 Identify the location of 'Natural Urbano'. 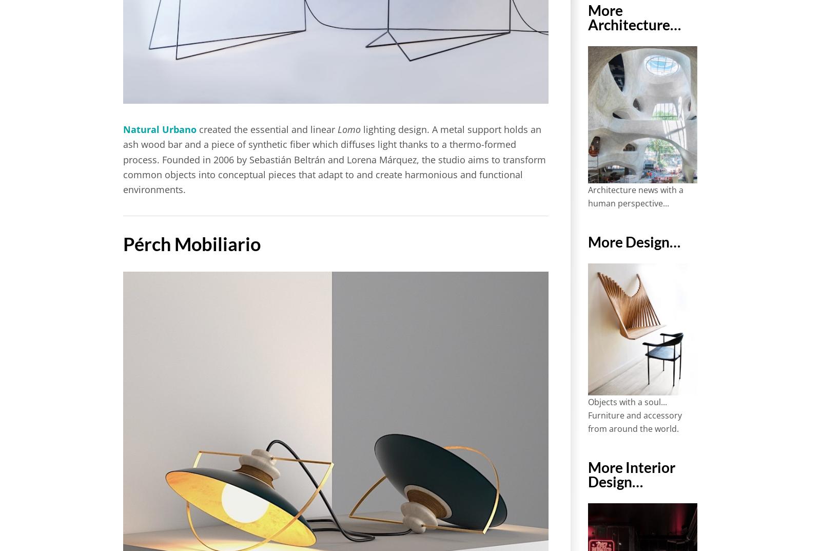
(160, 129).